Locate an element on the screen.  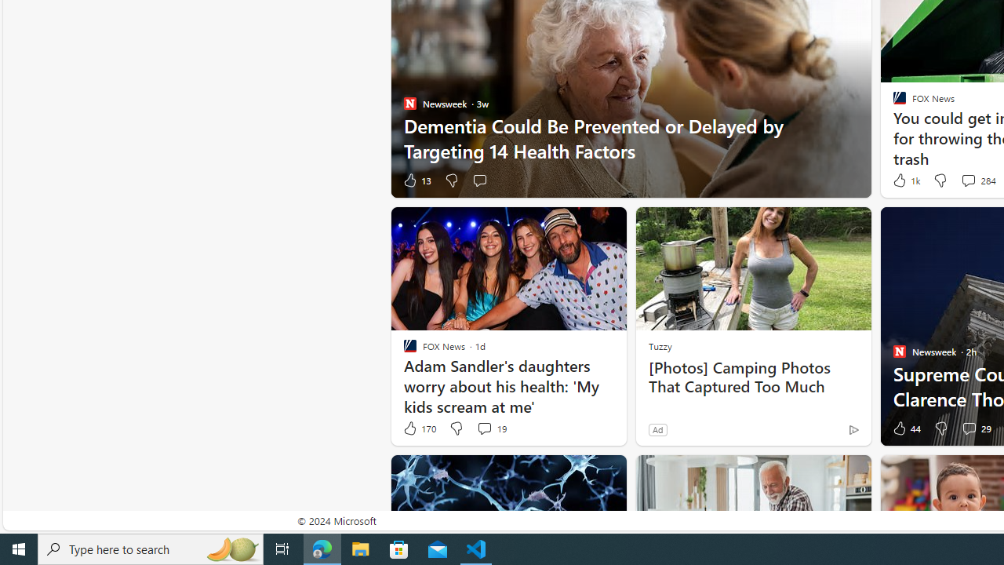
'View comments 29 Comment' is located at coordinates (968, 428).